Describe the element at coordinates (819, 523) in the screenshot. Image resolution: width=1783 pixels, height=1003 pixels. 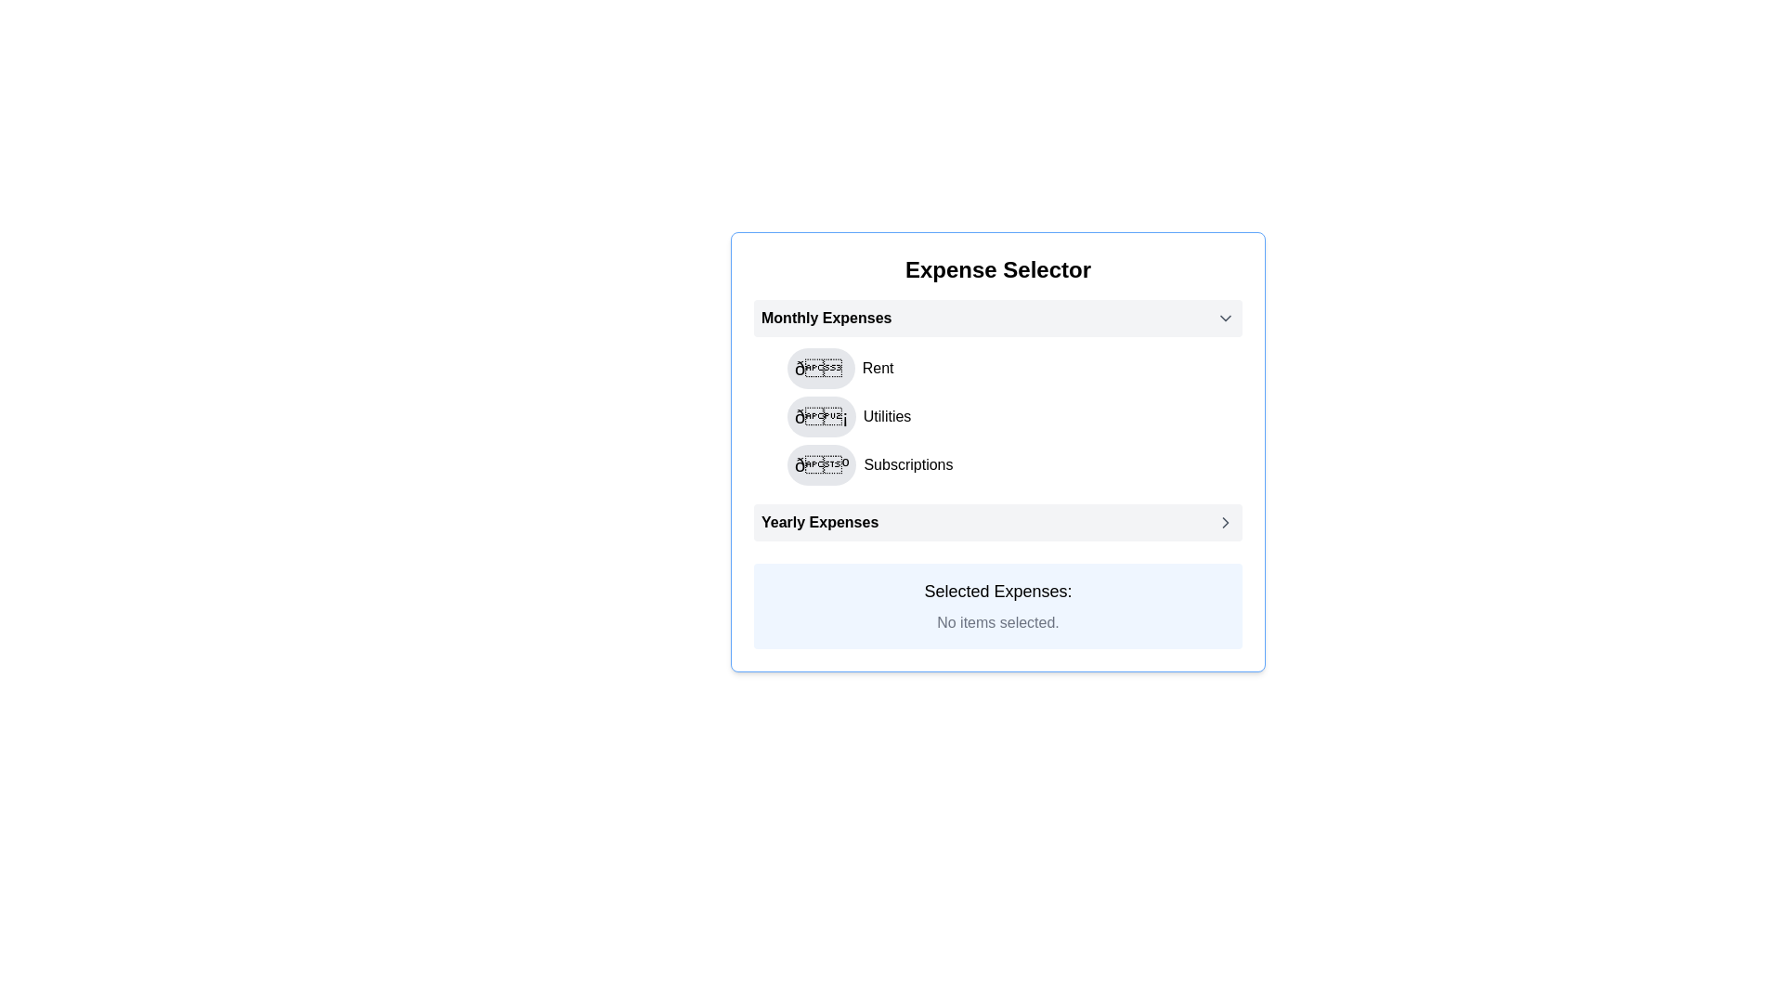
I see `the informational text label indicating 'Yearly Expenses', which is positioned beneath the entries 'Rent', 'Utilities', and 'Subscriptions' in a list-like structure` at that location.